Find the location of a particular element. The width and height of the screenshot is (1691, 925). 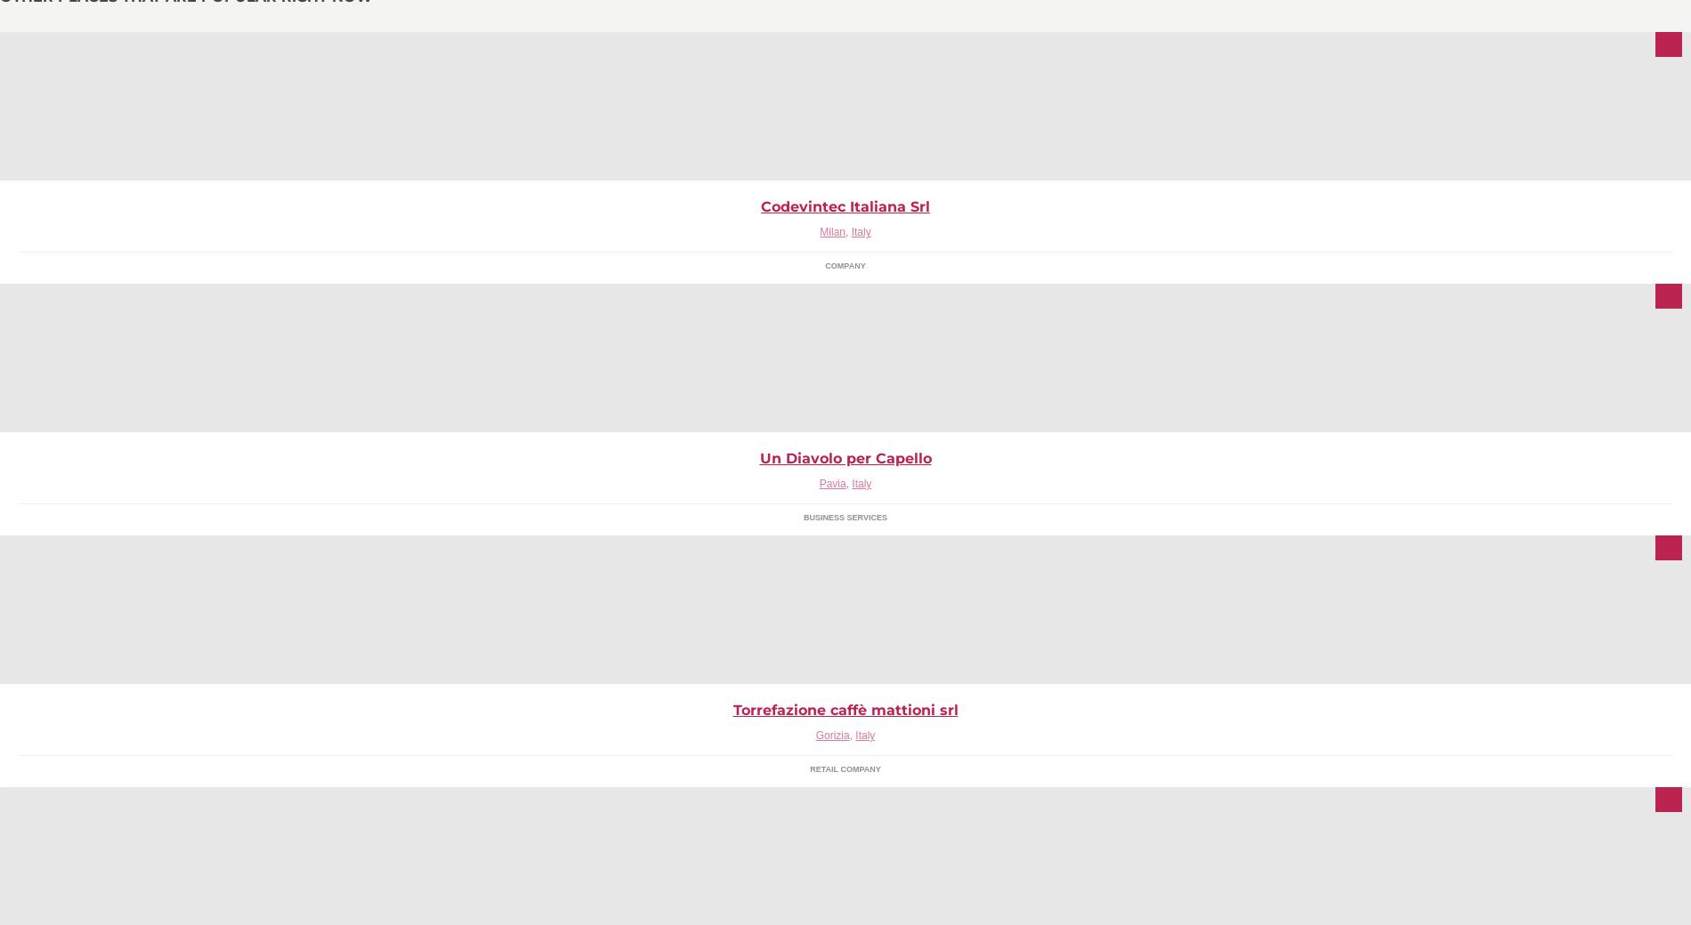

'Business services' is located at coordinates (844, 516).